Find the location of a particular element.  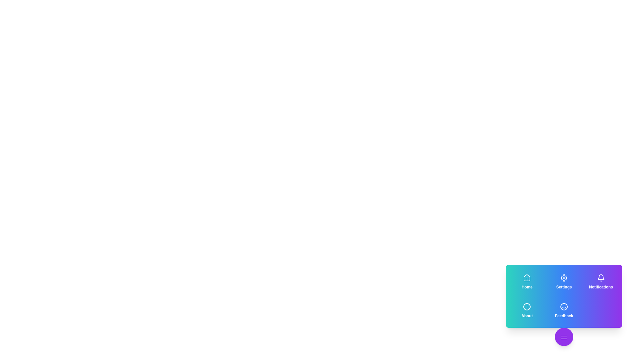

the 'Home' button in the ColorfulSpeedDial component is located at coordinates (527, 282).